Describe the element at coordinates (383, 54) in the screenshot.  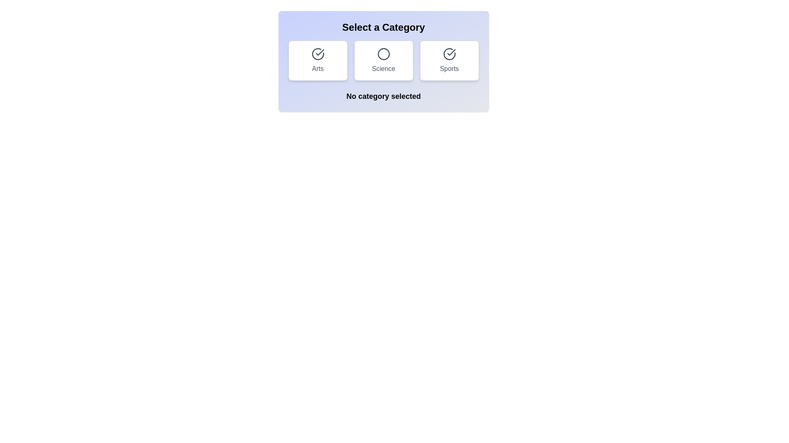
I see `the decorative circle that indicates the active state of the 'Science' button, which is centrally located within the rectangular button` at that location.